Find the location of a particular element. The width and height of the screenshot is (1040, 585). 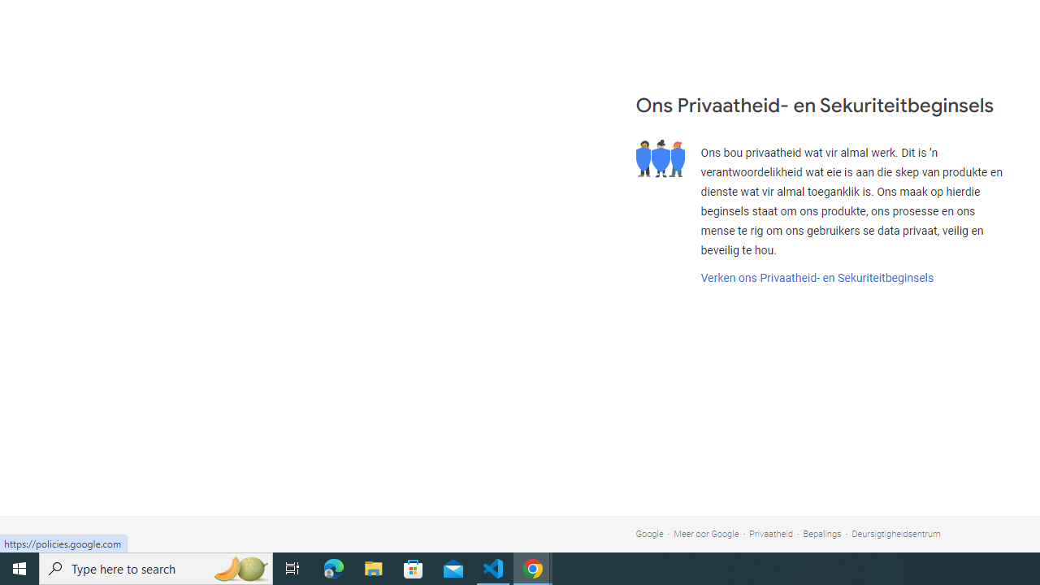

'Meer oor Google' is located at coordinates (706, 534).